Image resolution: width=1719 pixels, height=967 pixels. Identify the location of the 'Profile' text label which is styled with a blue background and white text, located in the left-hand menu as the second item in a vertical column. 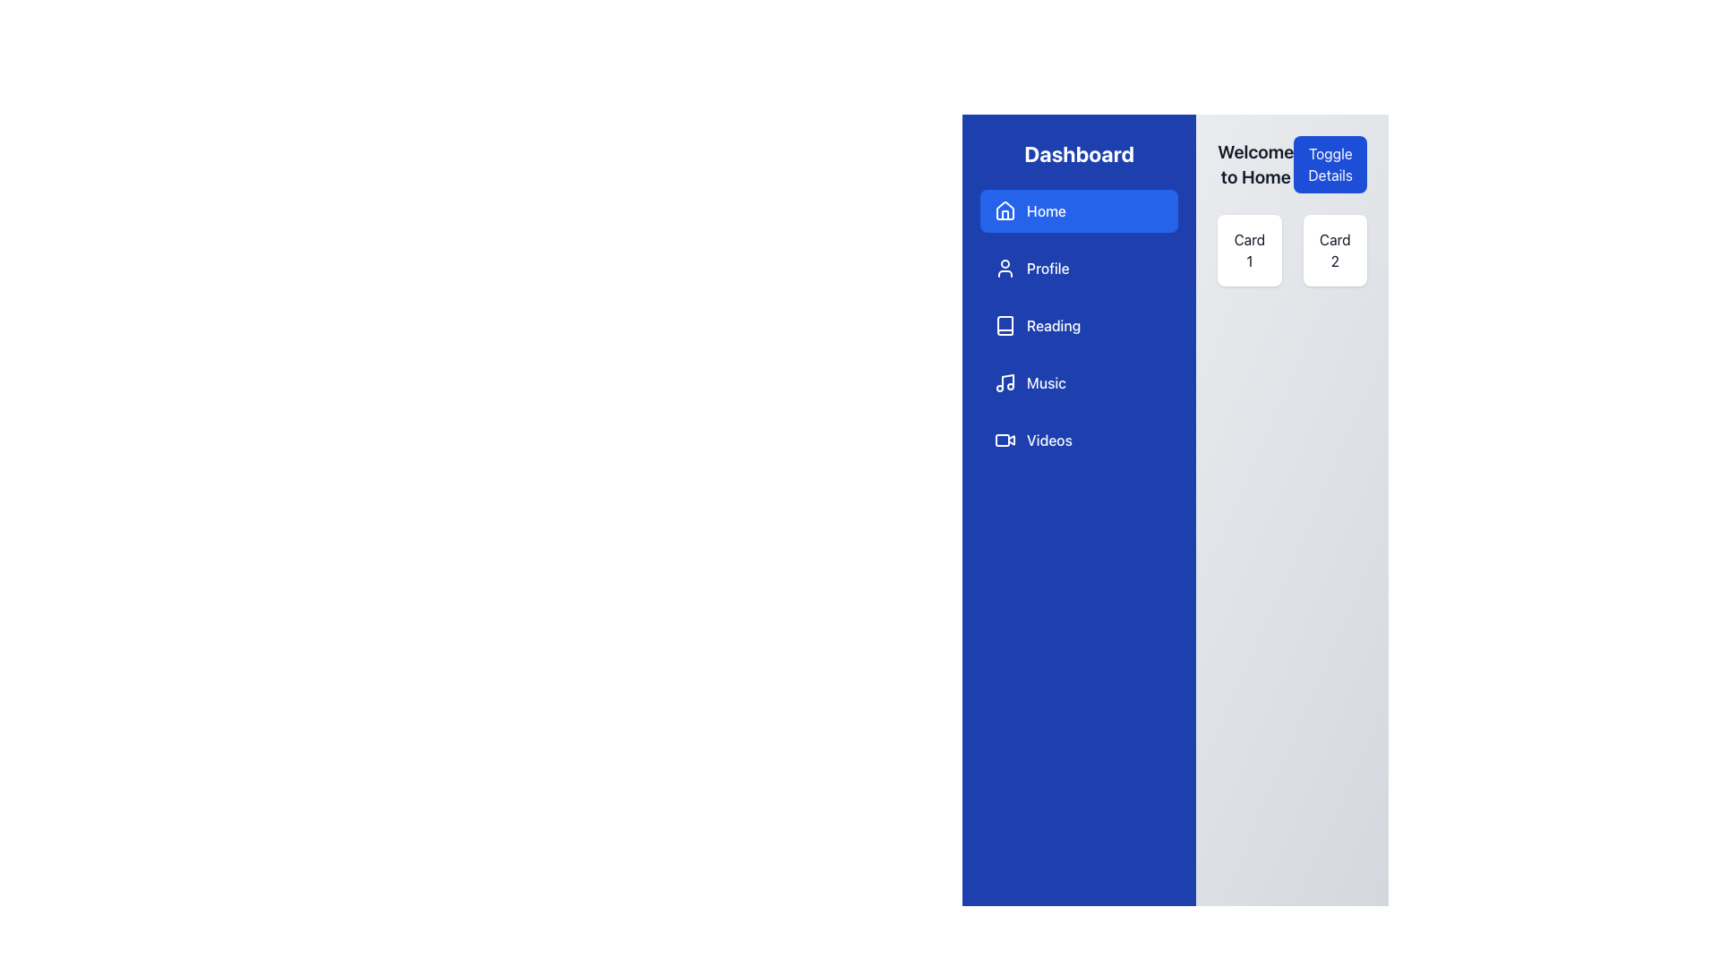
(1048, 269).